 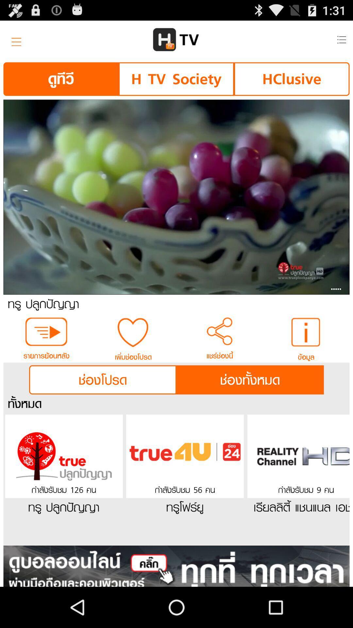 I want to click on the info icon, so click(x=306, y=355).